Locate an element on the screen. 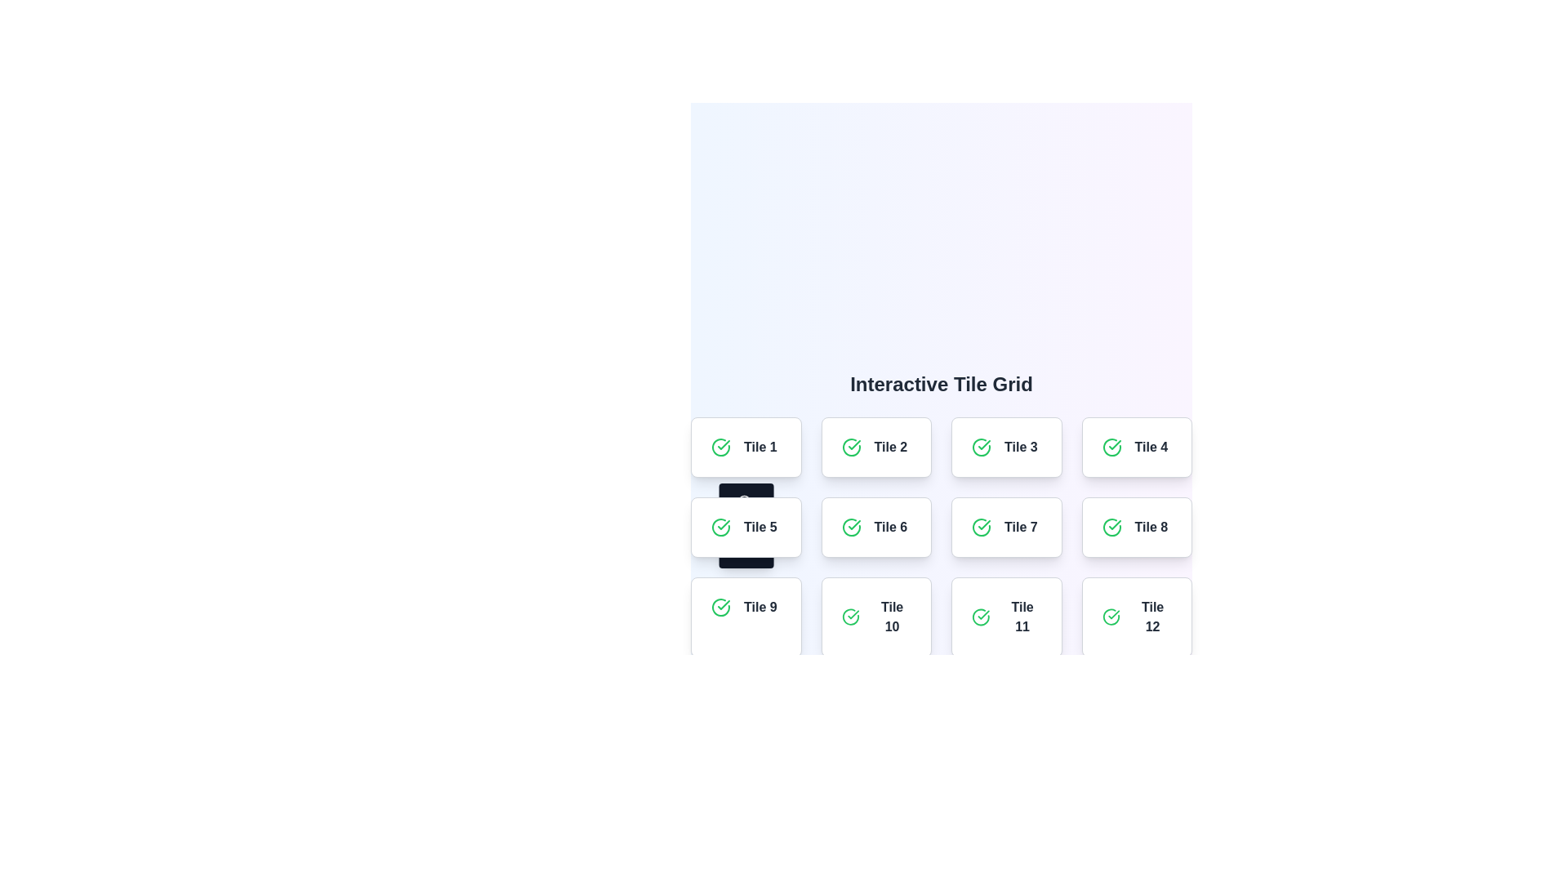 This screenshot has height=882, width=1568. the text label in the top row, third column of the tile grid is located at coordinates (1019, 447).